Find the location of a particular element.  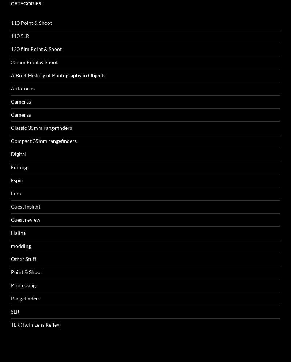

'Film' is located at coordinates (16, 90).